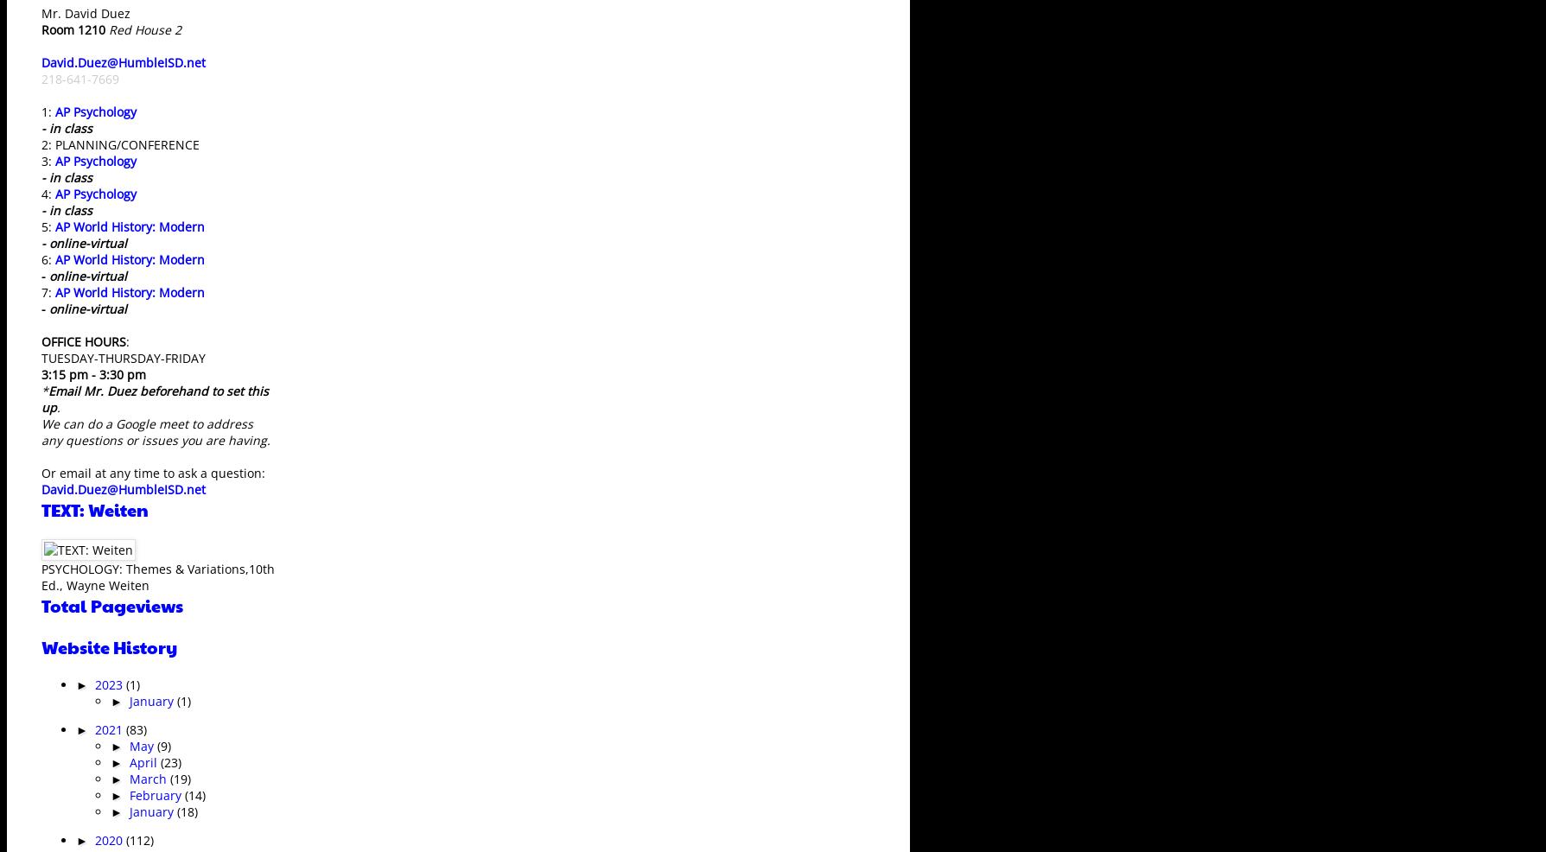 Image resolution: width=1546 pixels, height=852 pixels. Describe the element at coordinates (136, 728) in the screenshot. I see `'(83)'` at that location.